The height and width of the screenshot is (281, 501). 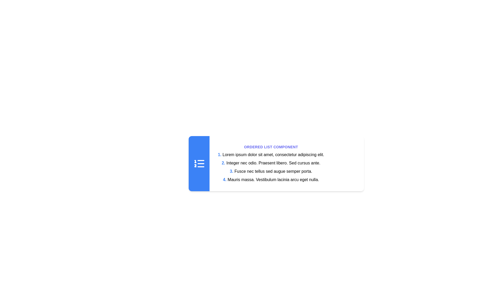 What do you see at coordinates (271, 147) in the screenshot?
I see `the Text Label that serves as a header for the content, located at the top of the numbered list` at bounding box center [271, 147].